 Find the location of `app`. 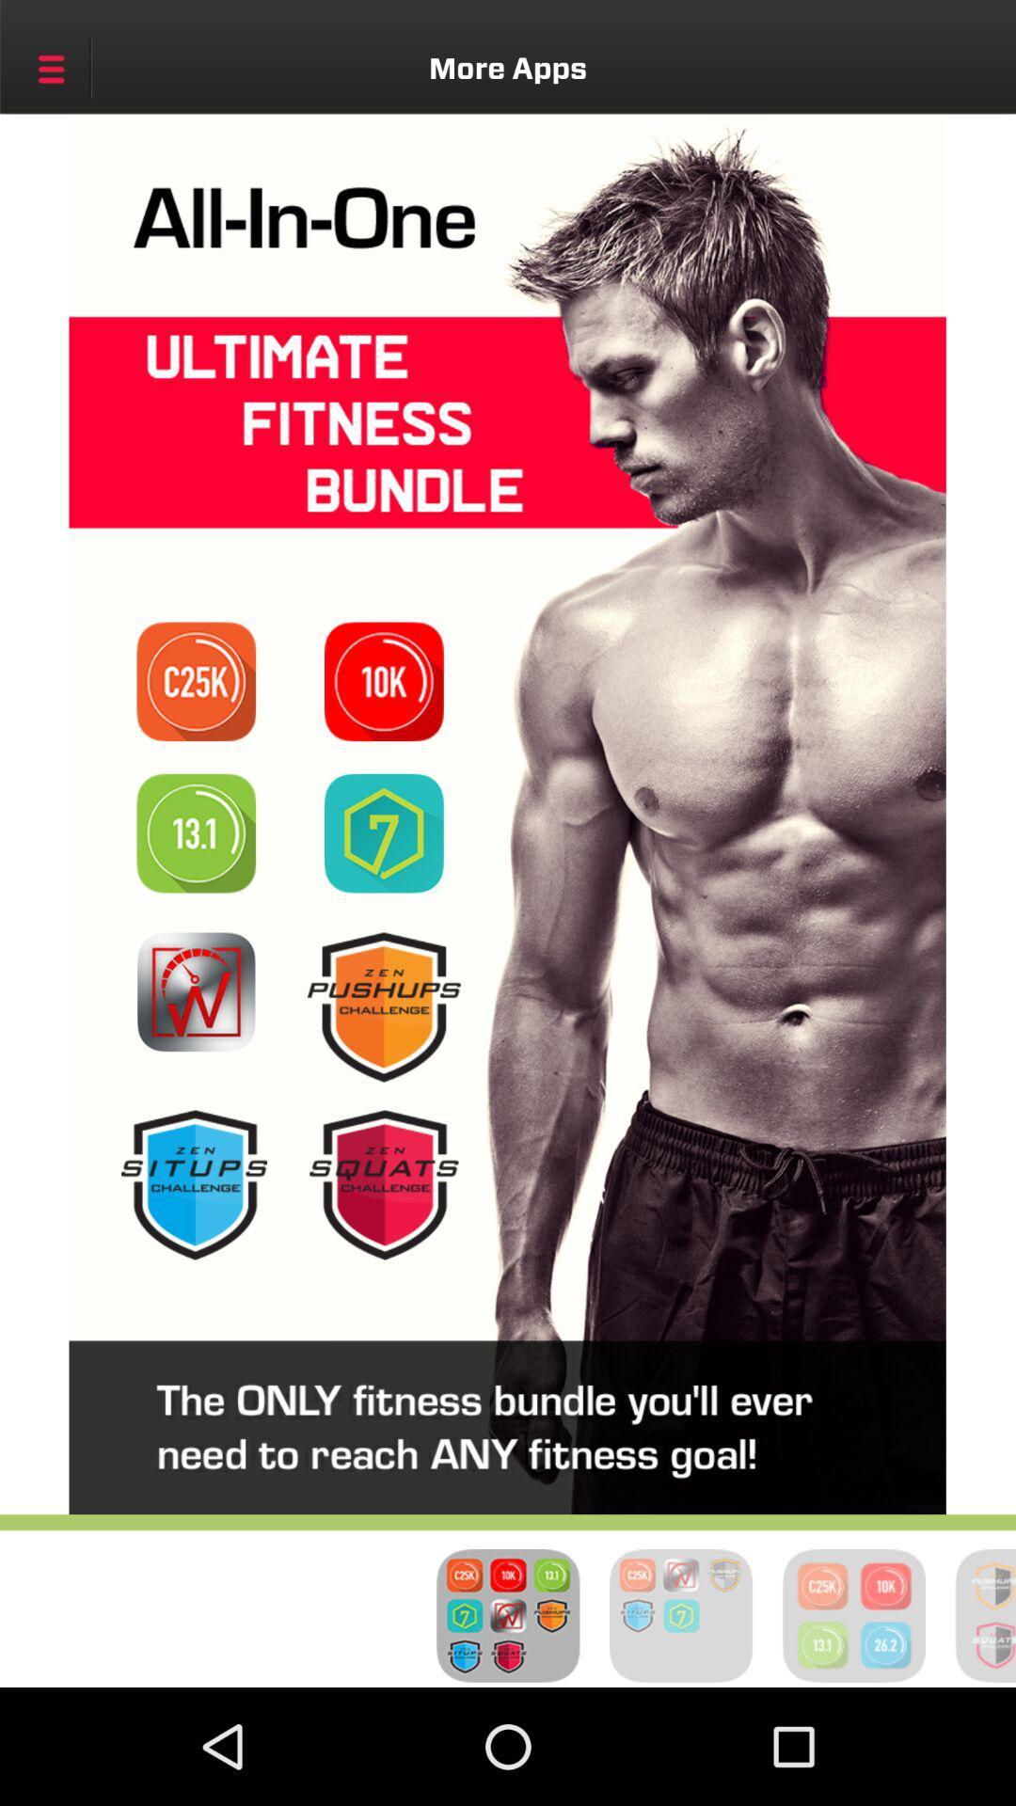

app is located at coordinates (196, 990).